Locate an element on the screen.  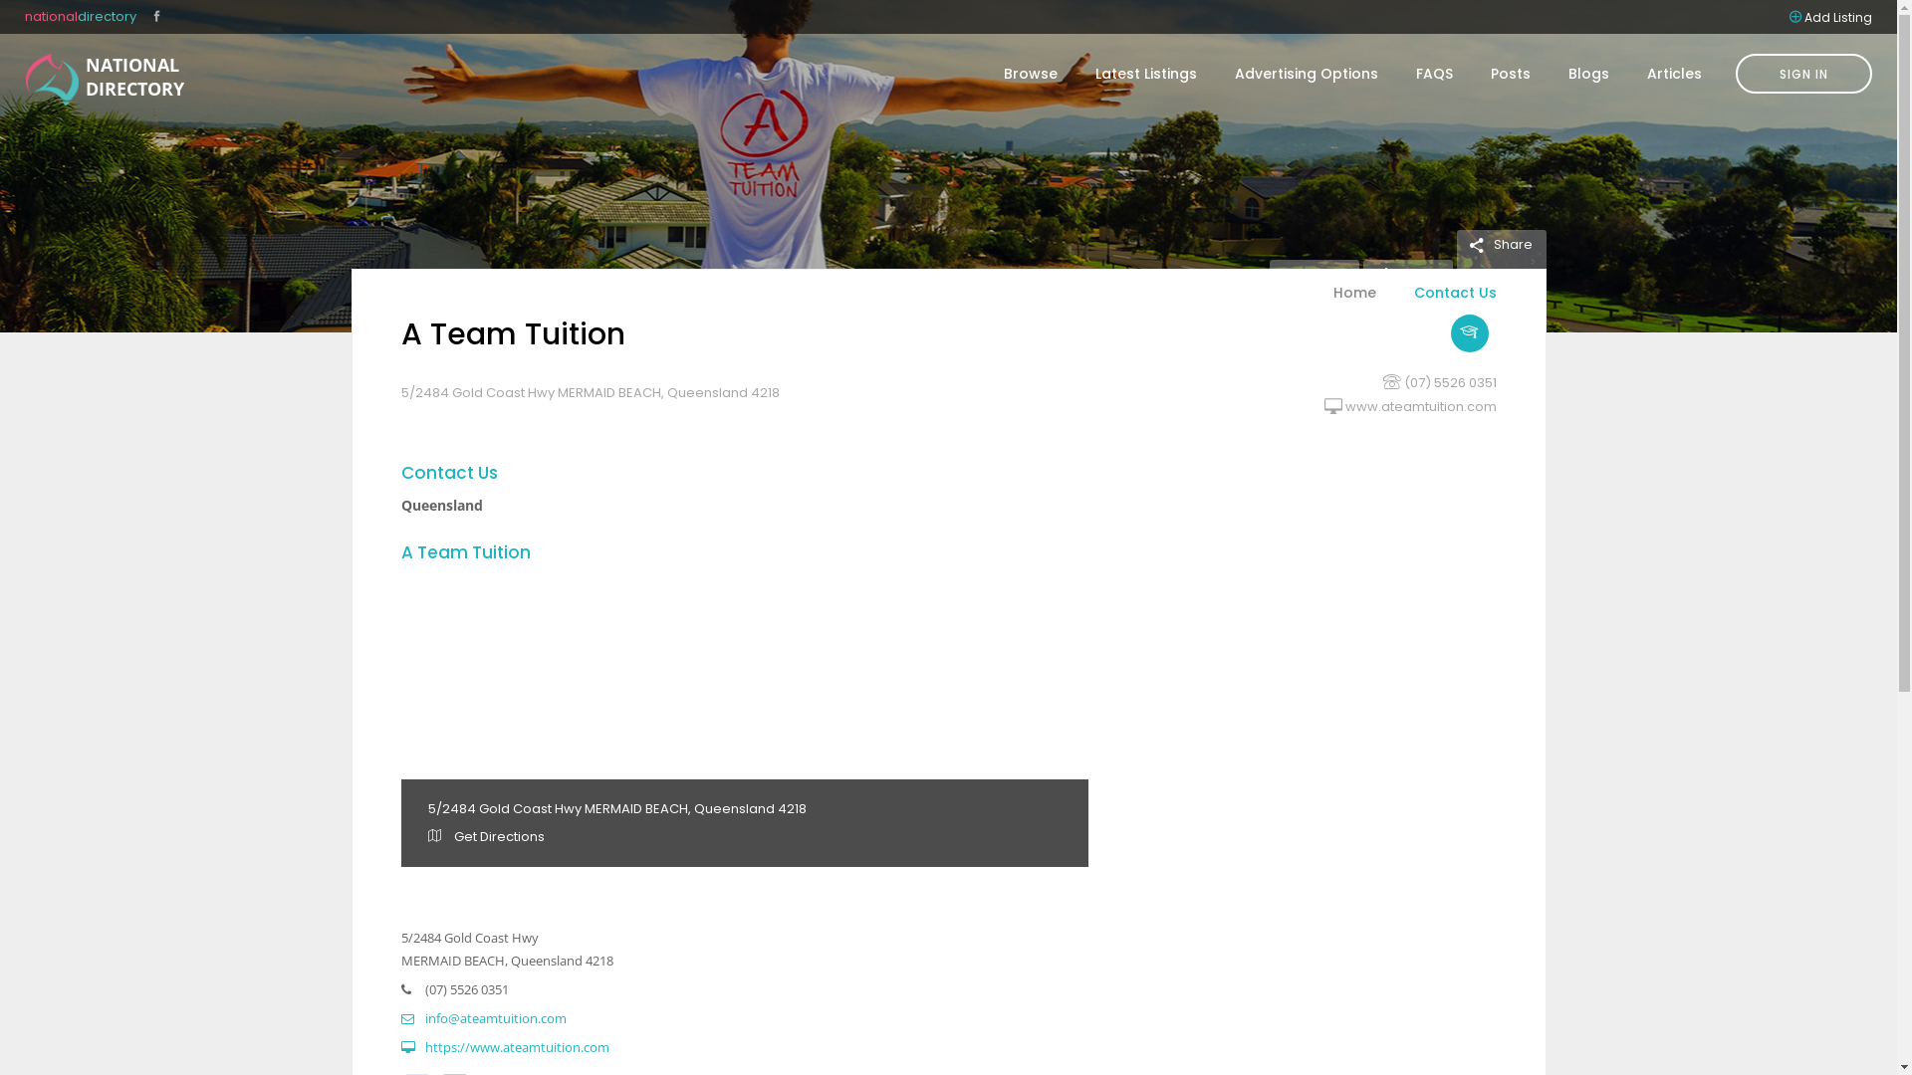
'Home' is located at coordinates (1354, 304).